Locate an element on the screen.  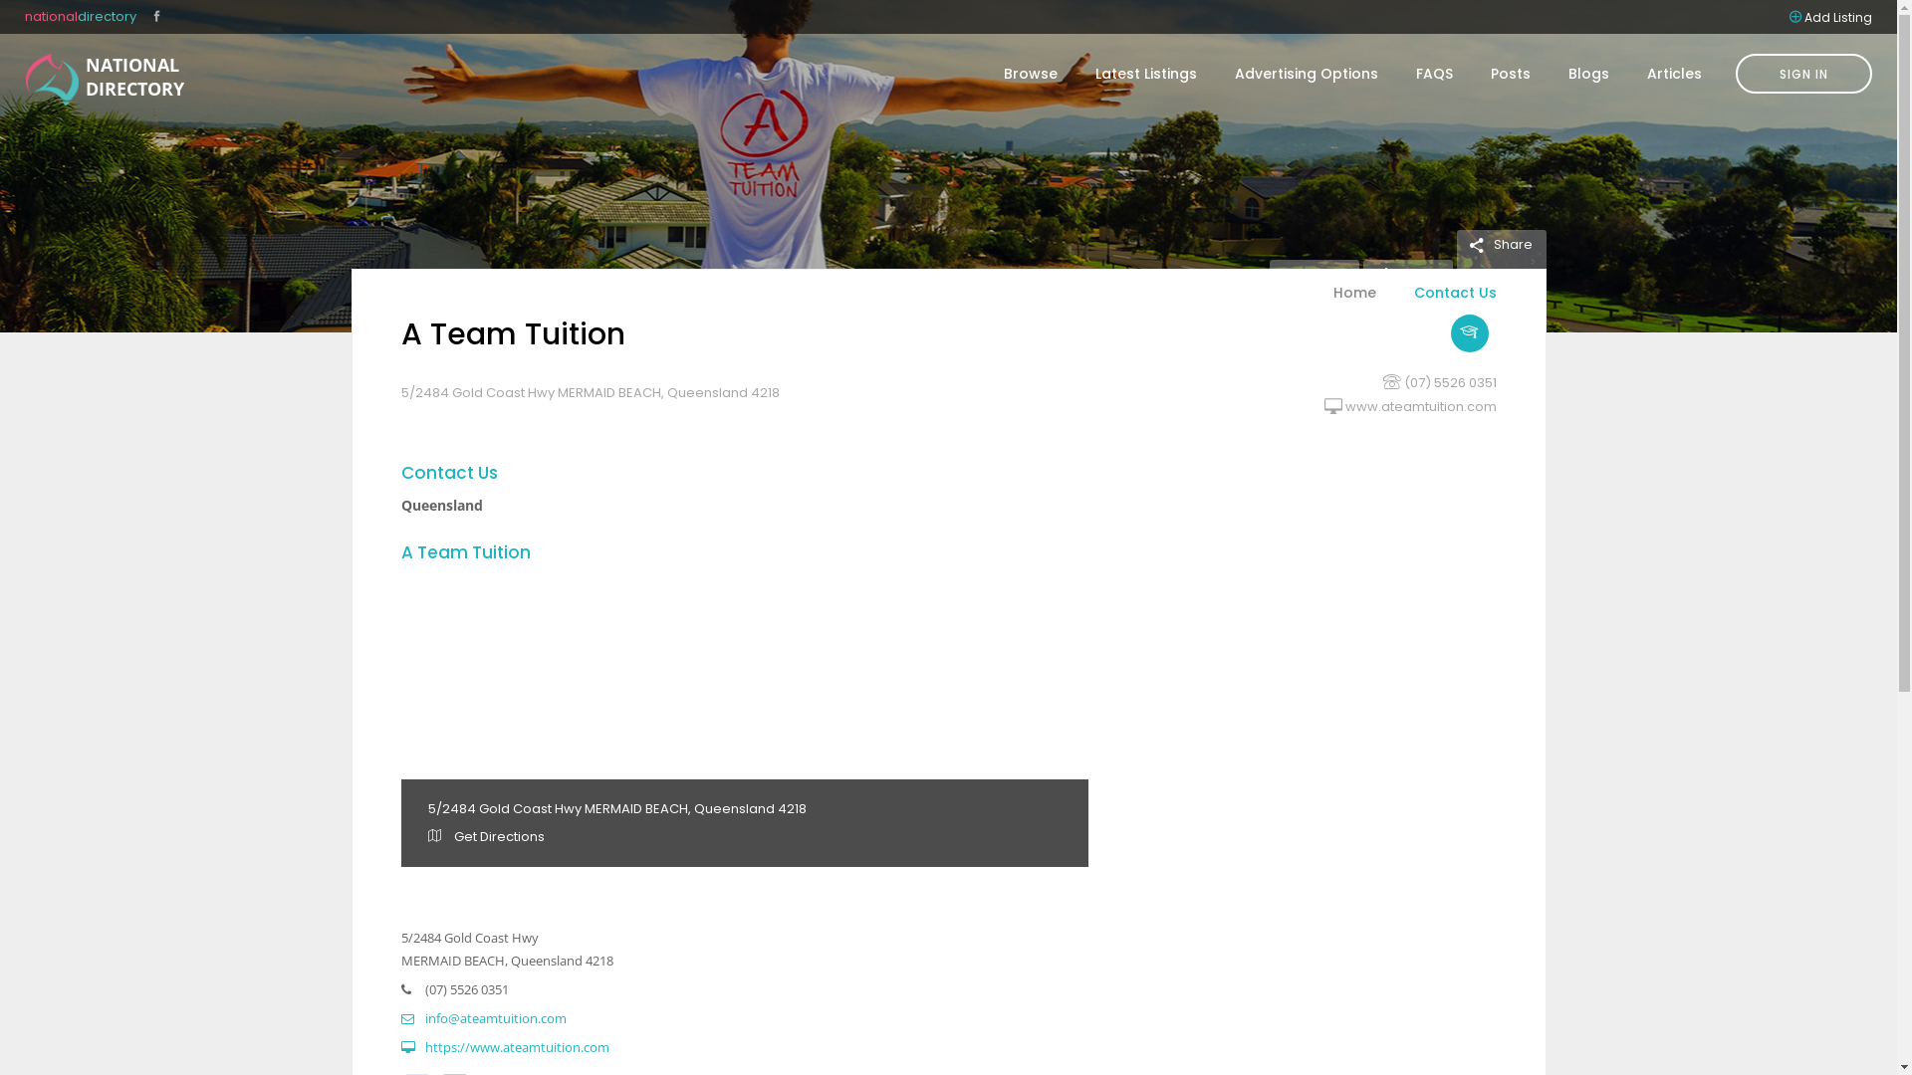
'Home' is located at coordinates (1354, 304).